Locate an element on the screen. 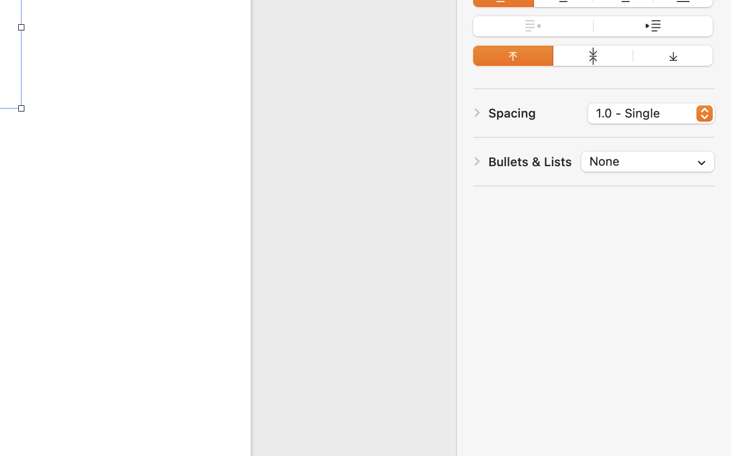  '1.0 - Single' is located at coordinates (652, 114).